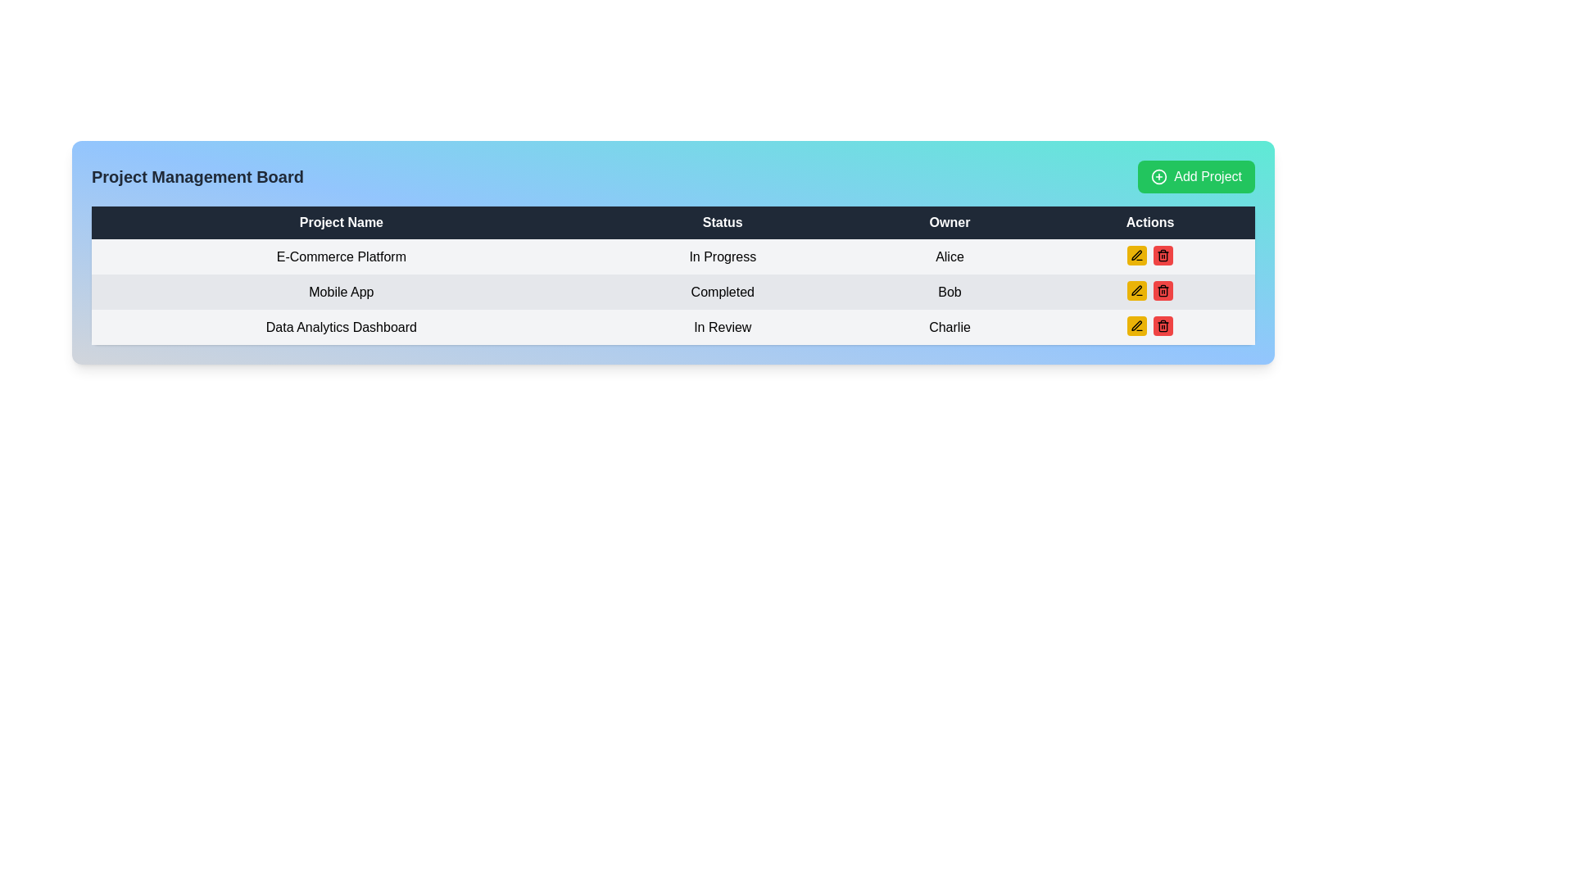  I want to click on the first column header text label for project names in the table, located at the top-left corner of the header row, so click(340, 223).